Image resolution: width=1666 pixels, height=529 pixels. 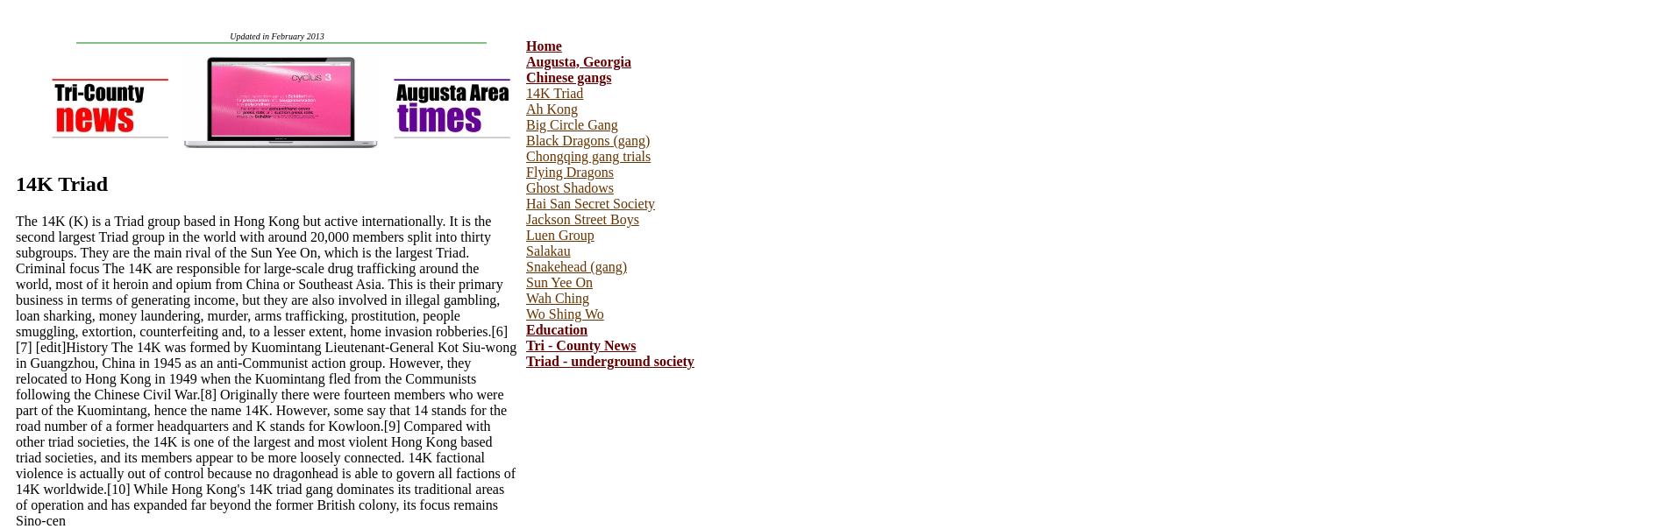 I want to click on 'Chinese gangs', so click(x=568, y=76).